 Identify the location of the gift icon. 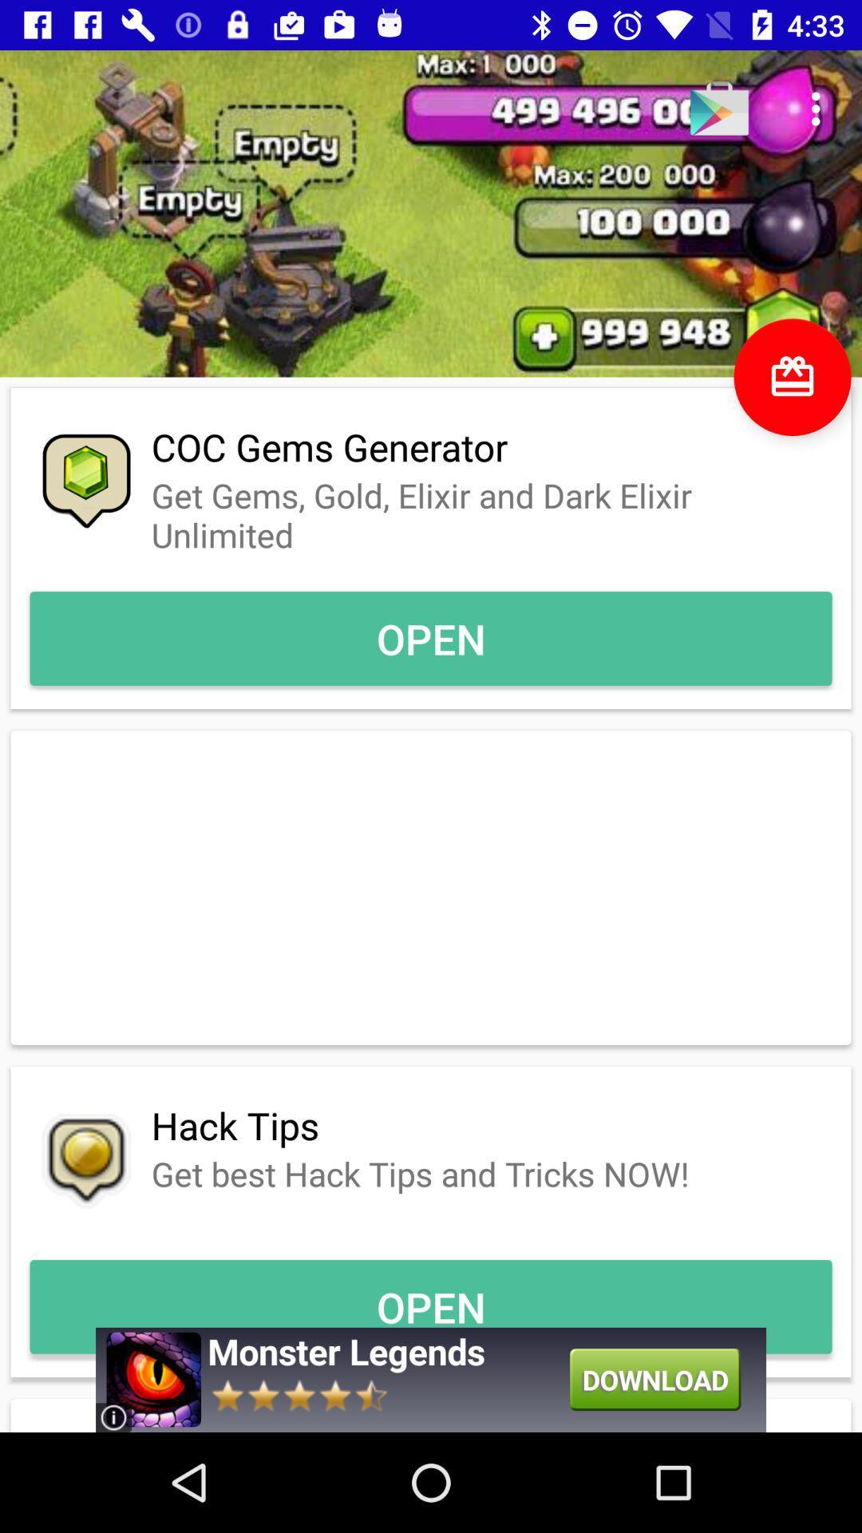
(792, 376).